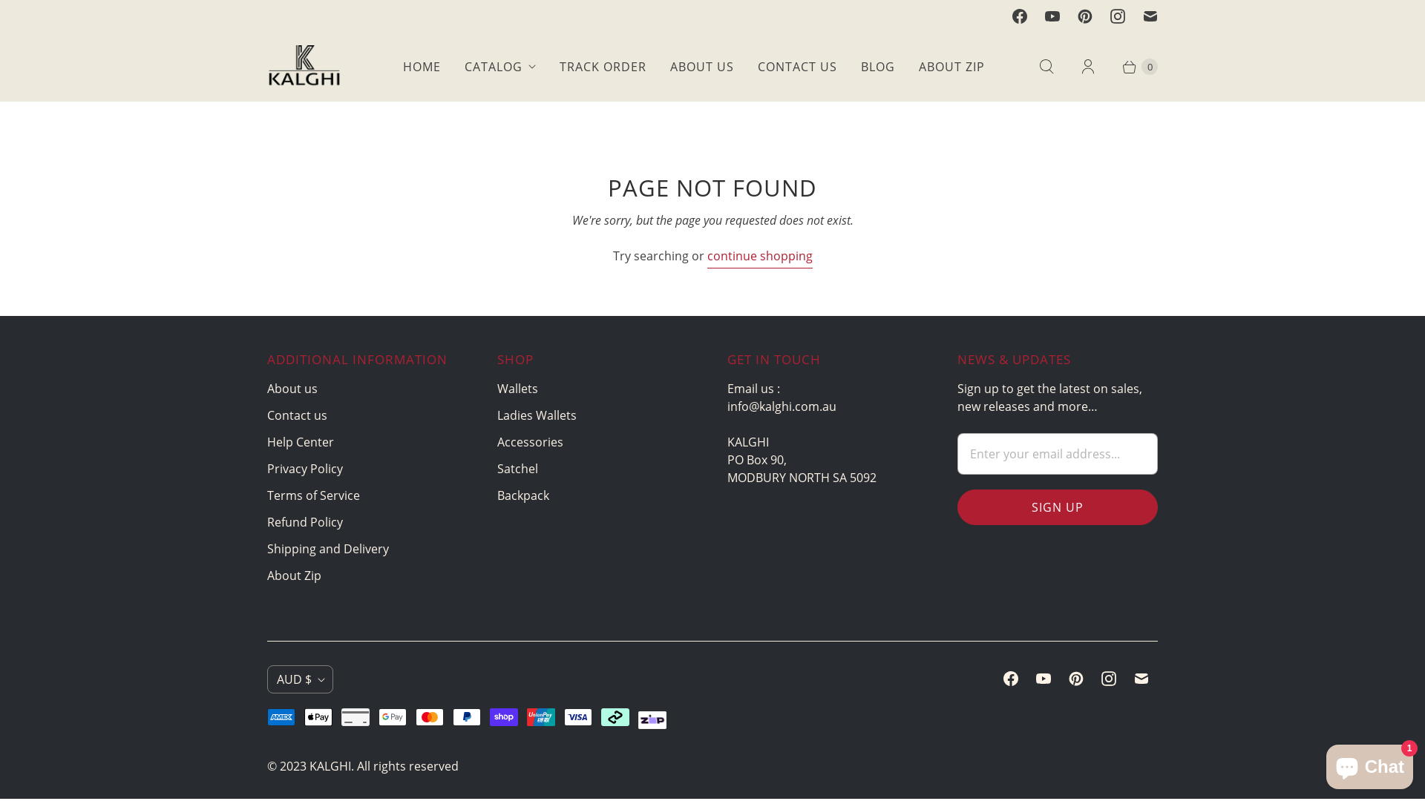 This screenshot has width=1425, height=801. Describe the element at coordinates (304, 469) in the screenshot. I see `'Privacy Policy'` at that location.